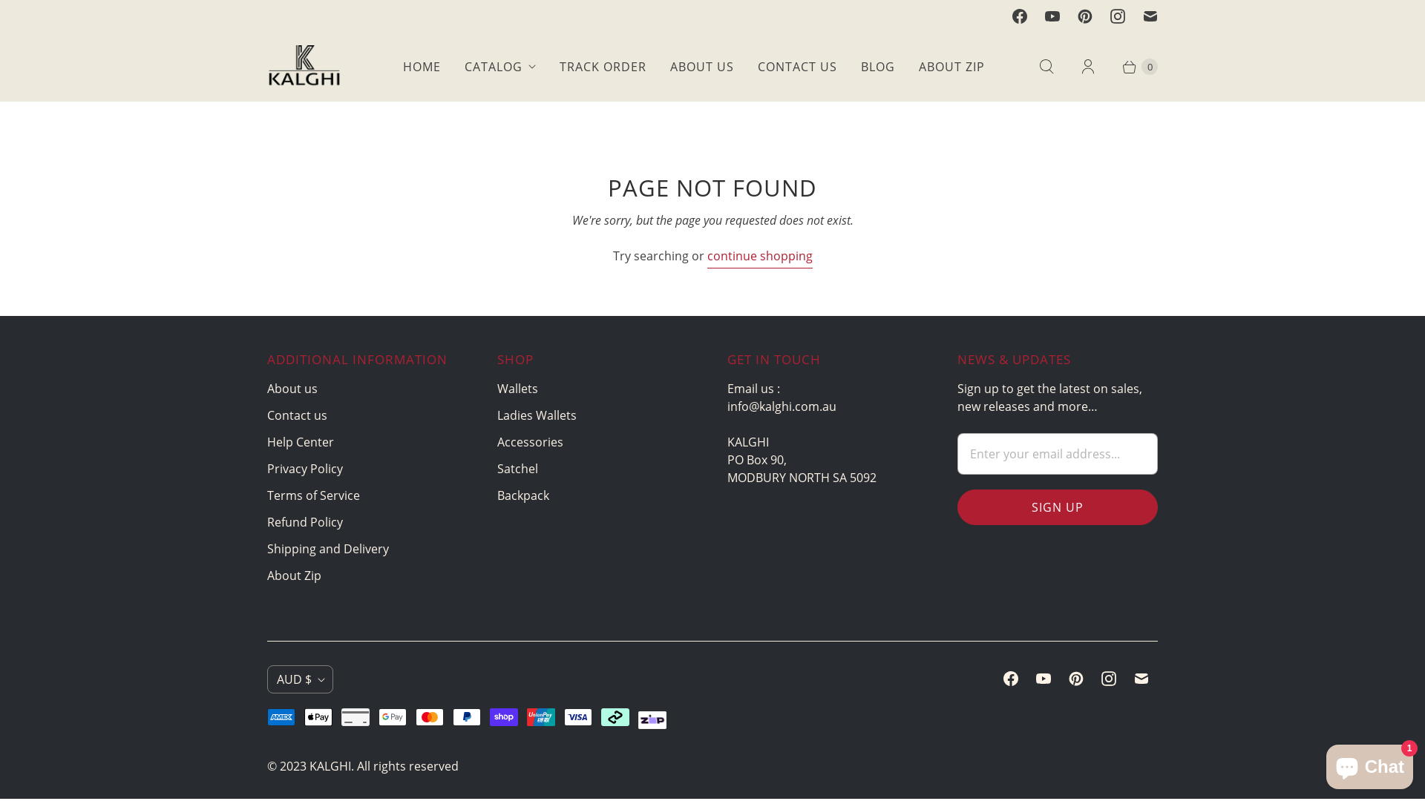 This screenshot has width=1425, height=801. Describe the element at coordinates (304, 469) in the screenshot. I see `'Privacy Policy'` at that location.